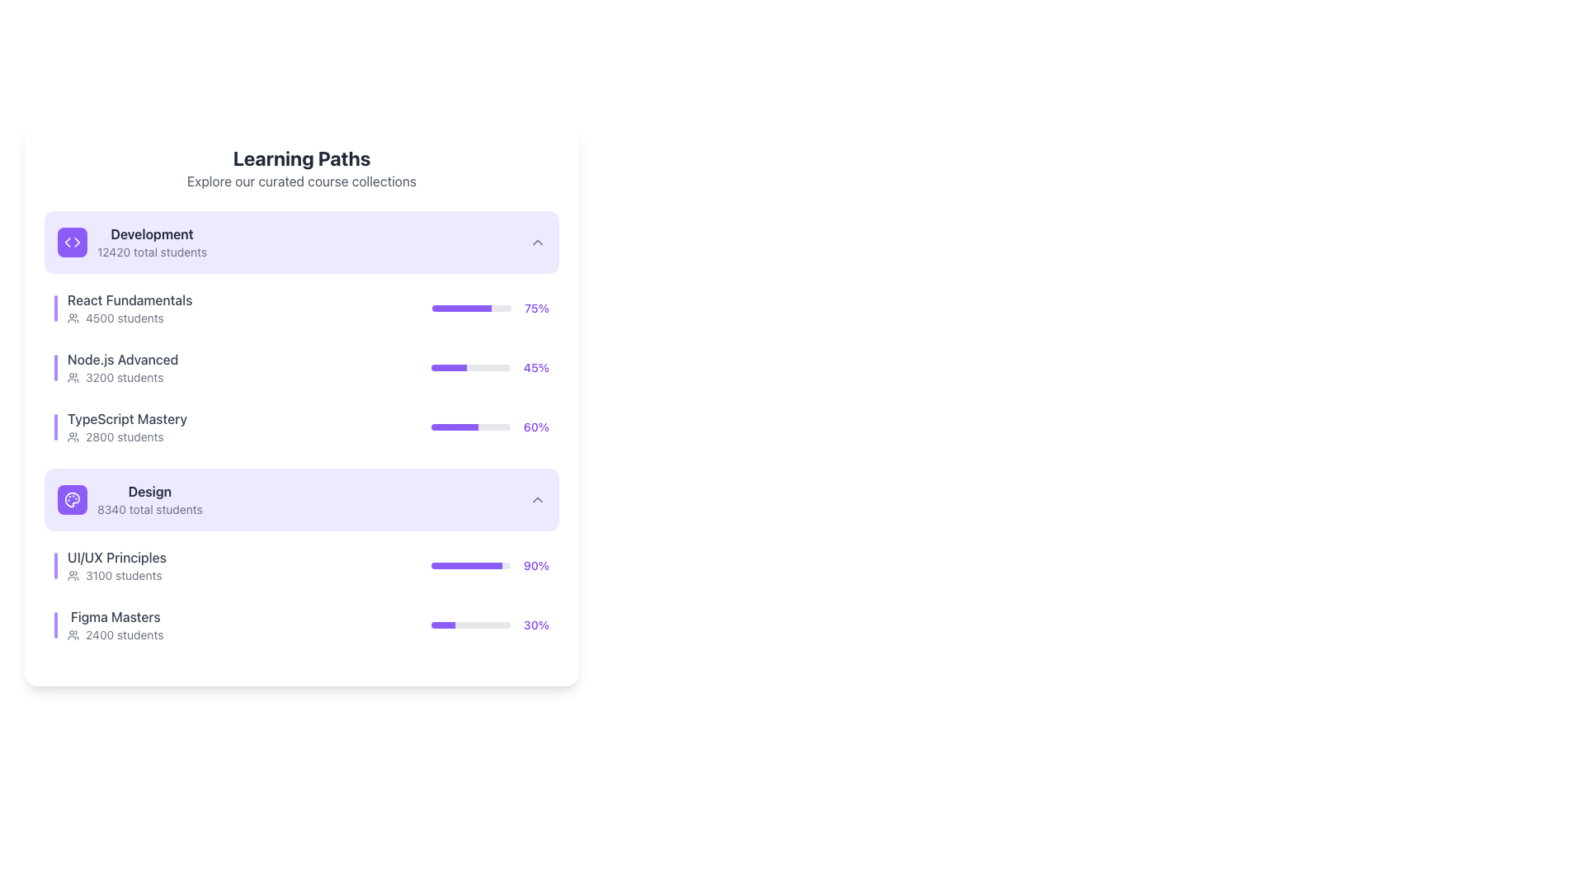 This screenshot has width=1584, height=891. What do you see at coordinates (122, 309) in the screenshot?
I see `the first list item displaying 'React Fundamentals'` at bounding box center [122, 309].